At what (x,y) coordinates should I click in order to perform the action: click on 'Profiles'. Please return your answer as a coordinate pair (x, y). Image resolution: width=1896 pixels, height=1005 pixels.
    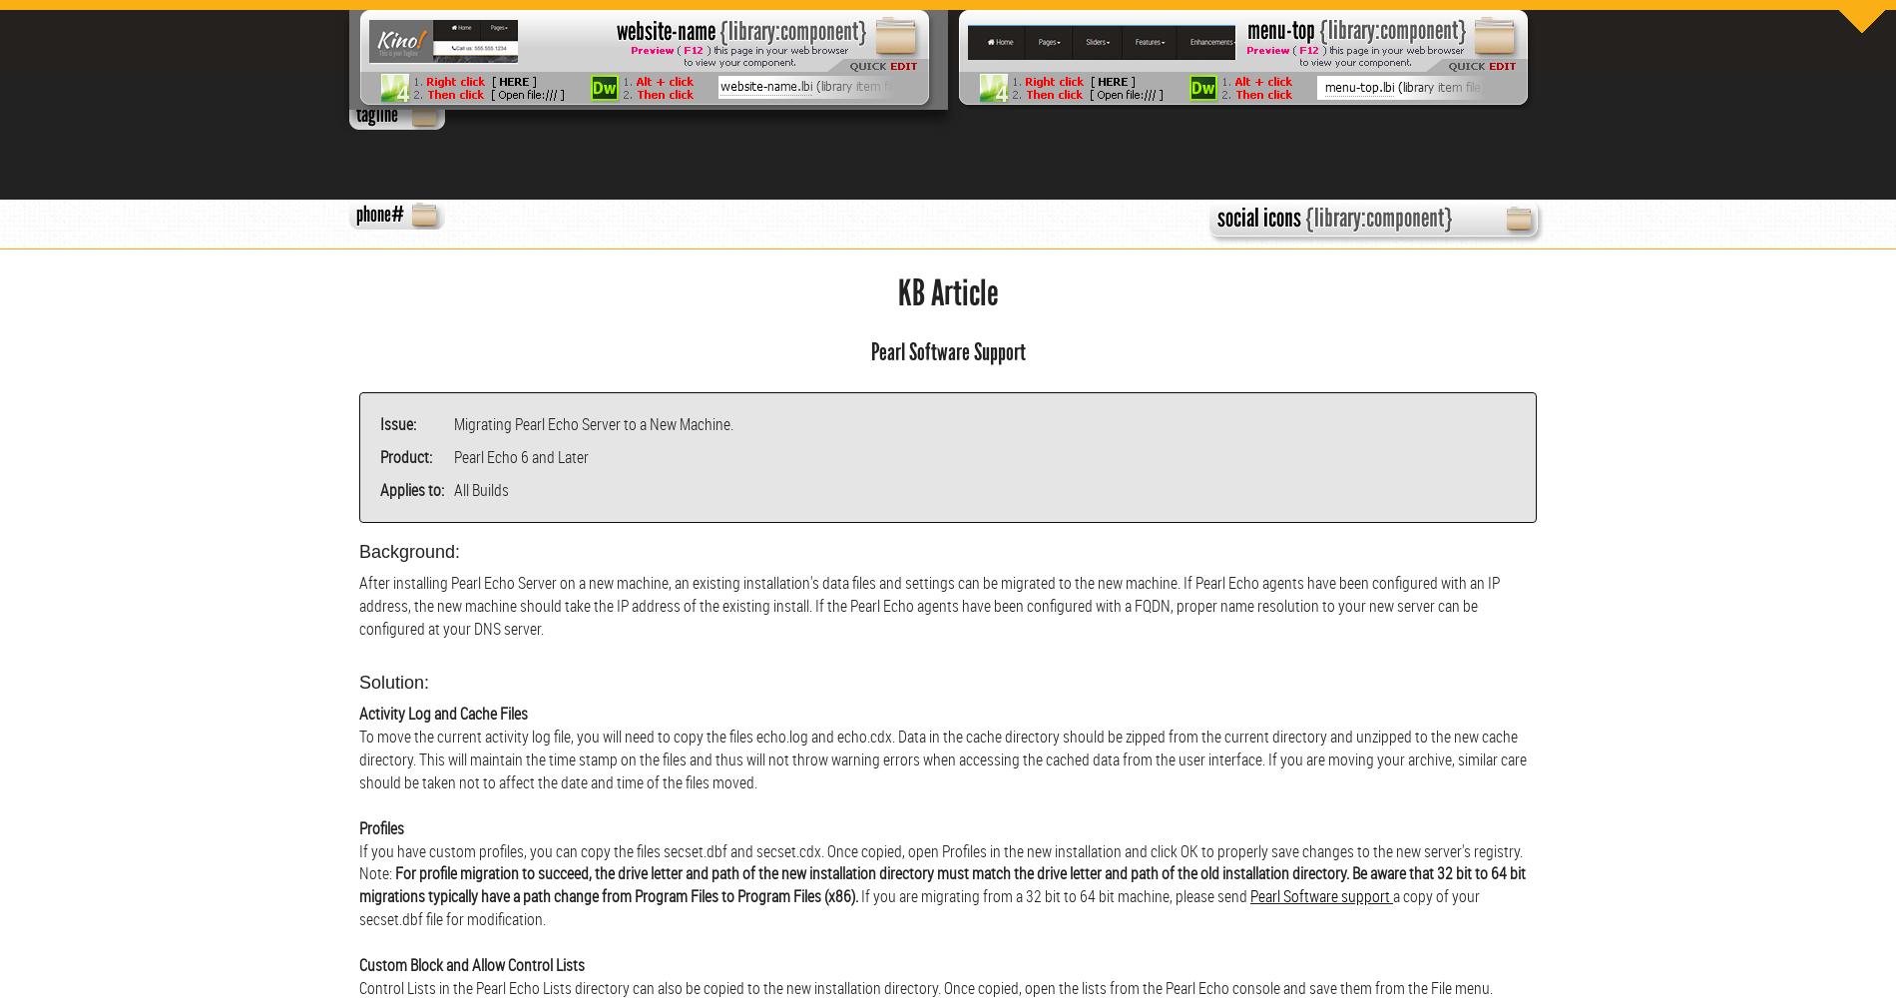
    Looking at the image, I should click on (380, 825).